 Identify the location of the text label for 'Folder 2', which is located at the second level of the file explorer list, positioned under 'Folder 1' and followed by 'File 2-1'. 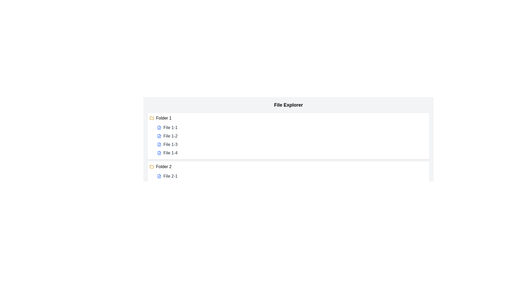
(163, 167).